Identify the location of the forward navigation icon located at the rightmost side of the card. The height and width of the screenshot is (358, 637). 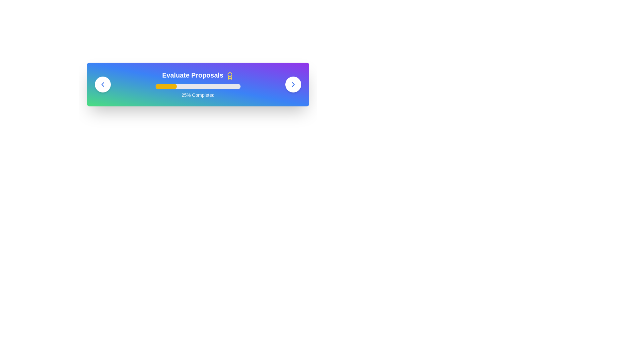
(293, 84).